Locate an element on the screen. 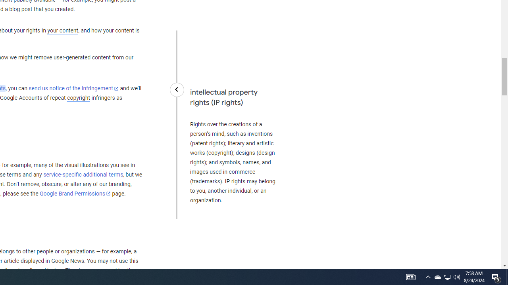 This screenshot has width=508, height=285. 'service-specific additional terms' is located at coordinates (83, 174).